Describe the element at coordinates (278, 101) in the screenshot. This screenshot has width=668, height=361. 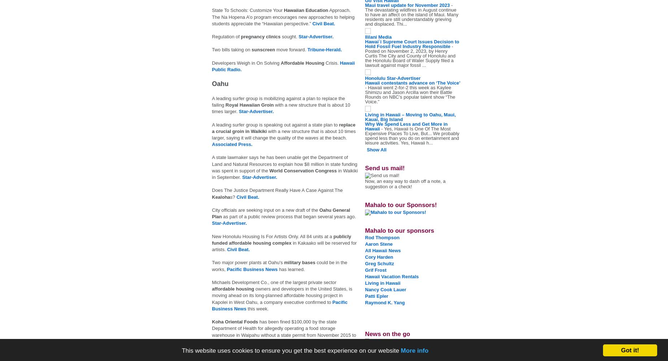
I see `'A leading surfer group is mobilizing against a plan to replace the failing'` at that location.